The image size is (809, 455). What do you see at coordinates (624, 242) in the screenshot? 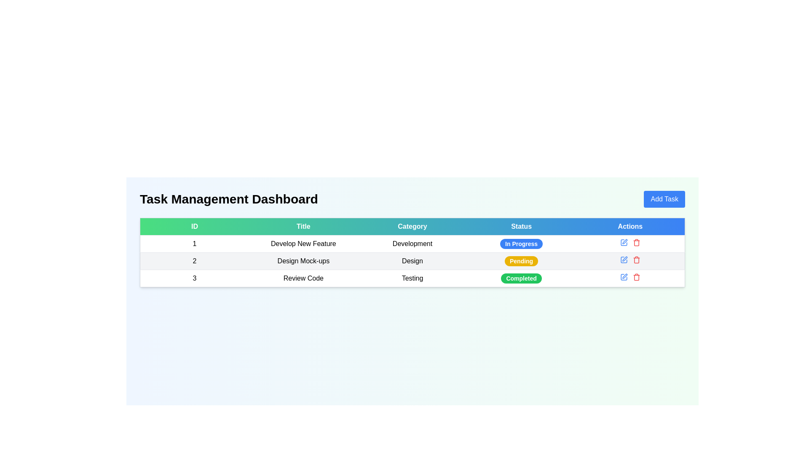
I see `the pen icon button in the 'Actions' column of the table` at bounding box center [624, 242].